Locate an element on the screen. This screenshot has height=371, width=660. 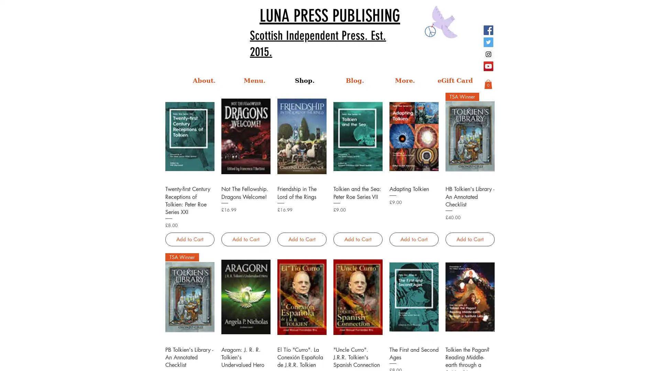
Add to Cart is located at coordinates (301, 239).